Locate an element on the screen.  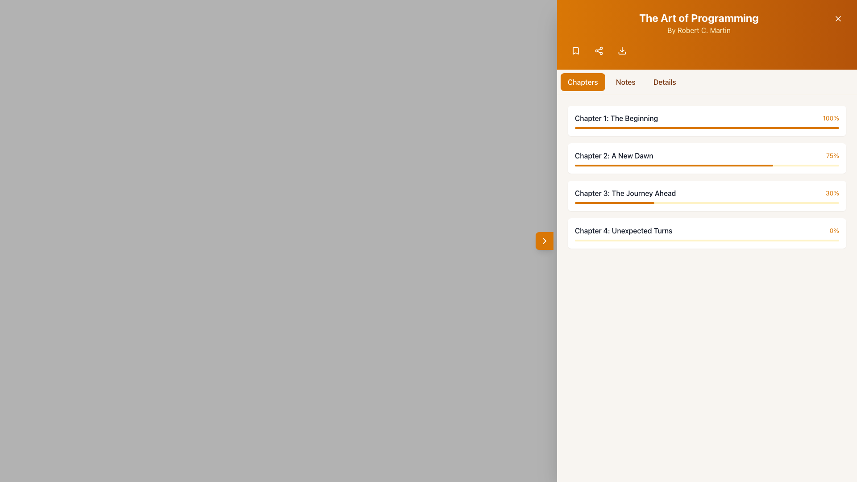
the right-facing chevron icon with a minimalist design, located at the left edge of the vertical menu panel, for potential visual feedback is located at coordinates (544, 241).